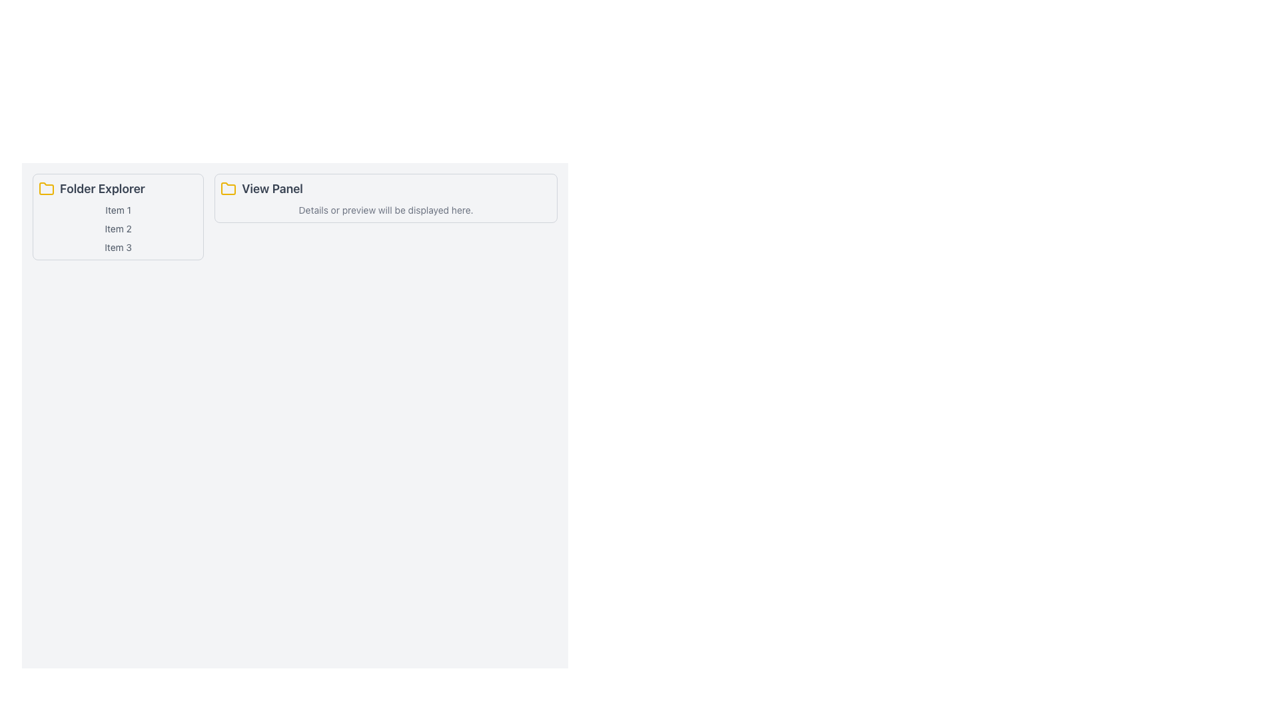 The width and height of the screenshot is (1279, 719). I want to click on the static text label representing a selectable item in the 'Folder Explorer' list, specifically the second item positioned between 'Item 1' and 'Item 3', so click(118, 228).